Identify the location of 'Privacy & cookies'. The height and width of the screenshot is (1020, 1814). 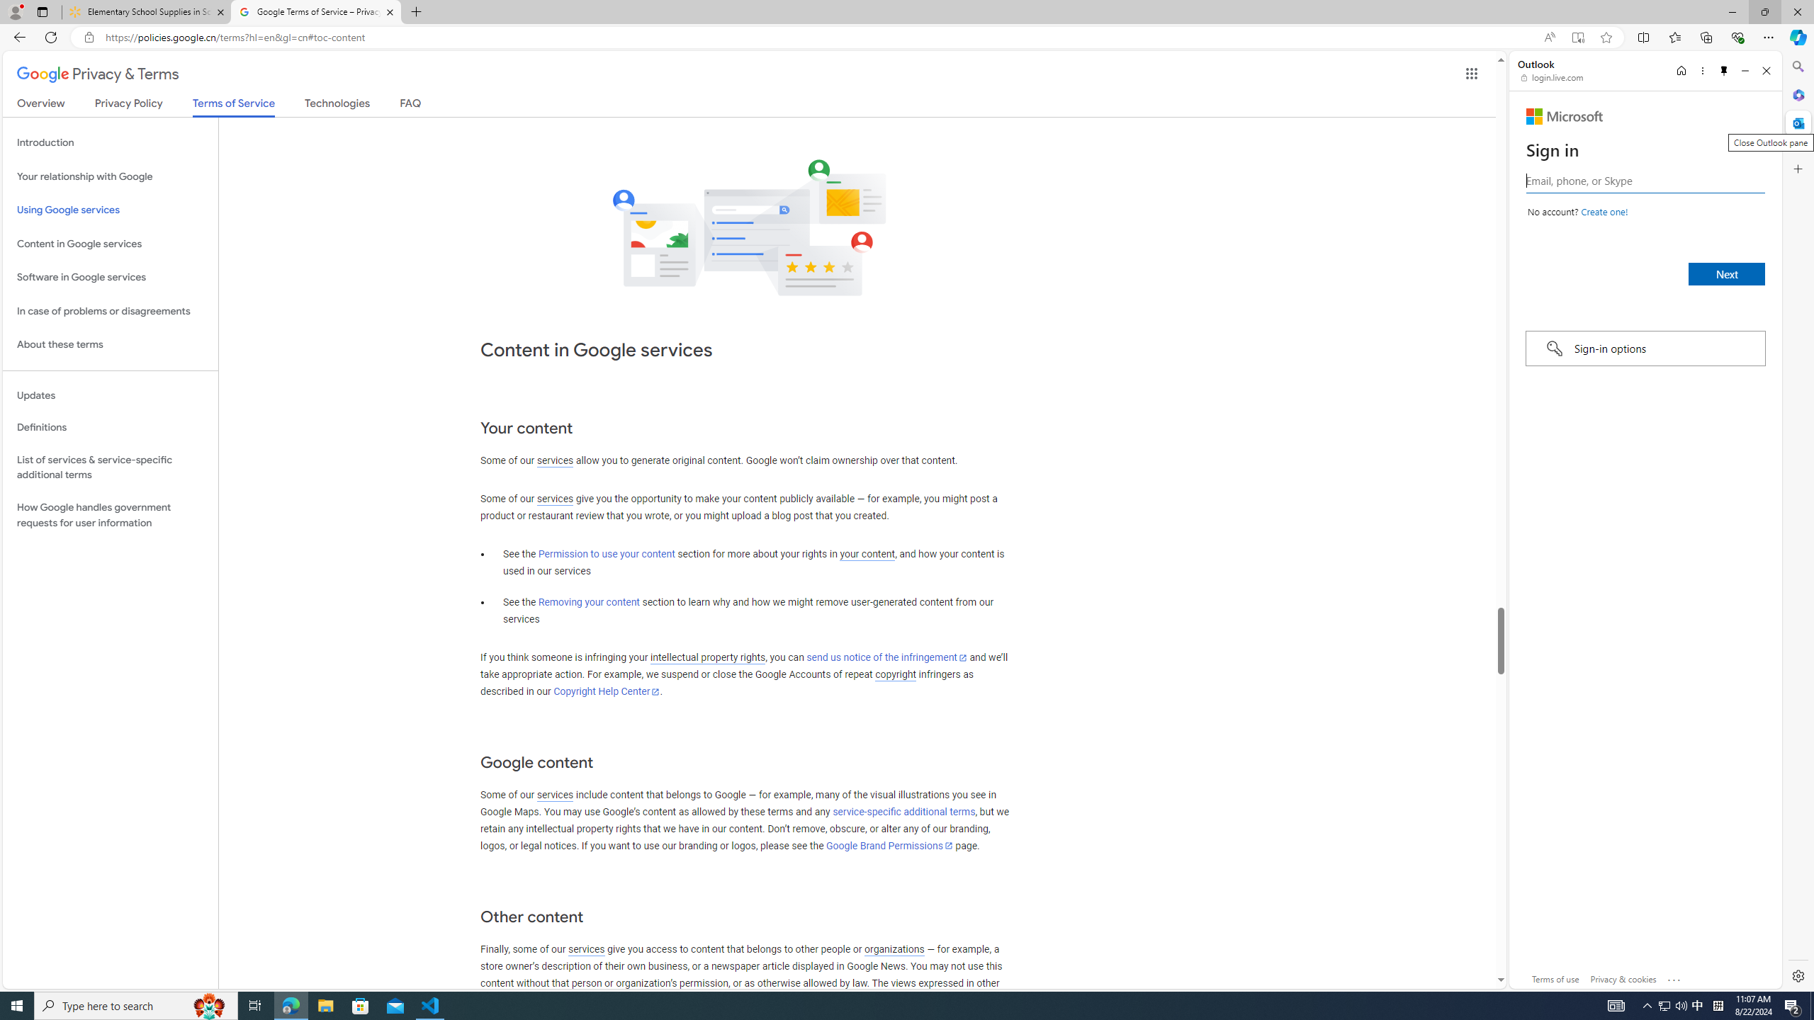
(1623, 977).